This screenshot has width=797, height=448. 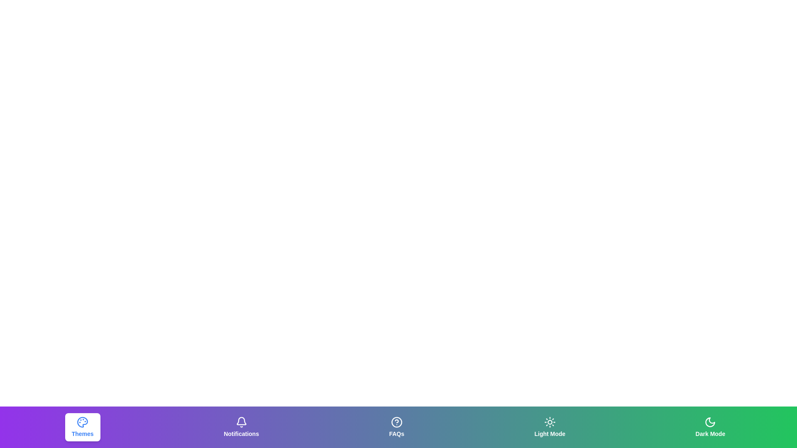 What do you see at coordinates (396, 427) in the screenshot?
I see `the FAQs tab to observe its hover effect` at bounding box center [396, 427].